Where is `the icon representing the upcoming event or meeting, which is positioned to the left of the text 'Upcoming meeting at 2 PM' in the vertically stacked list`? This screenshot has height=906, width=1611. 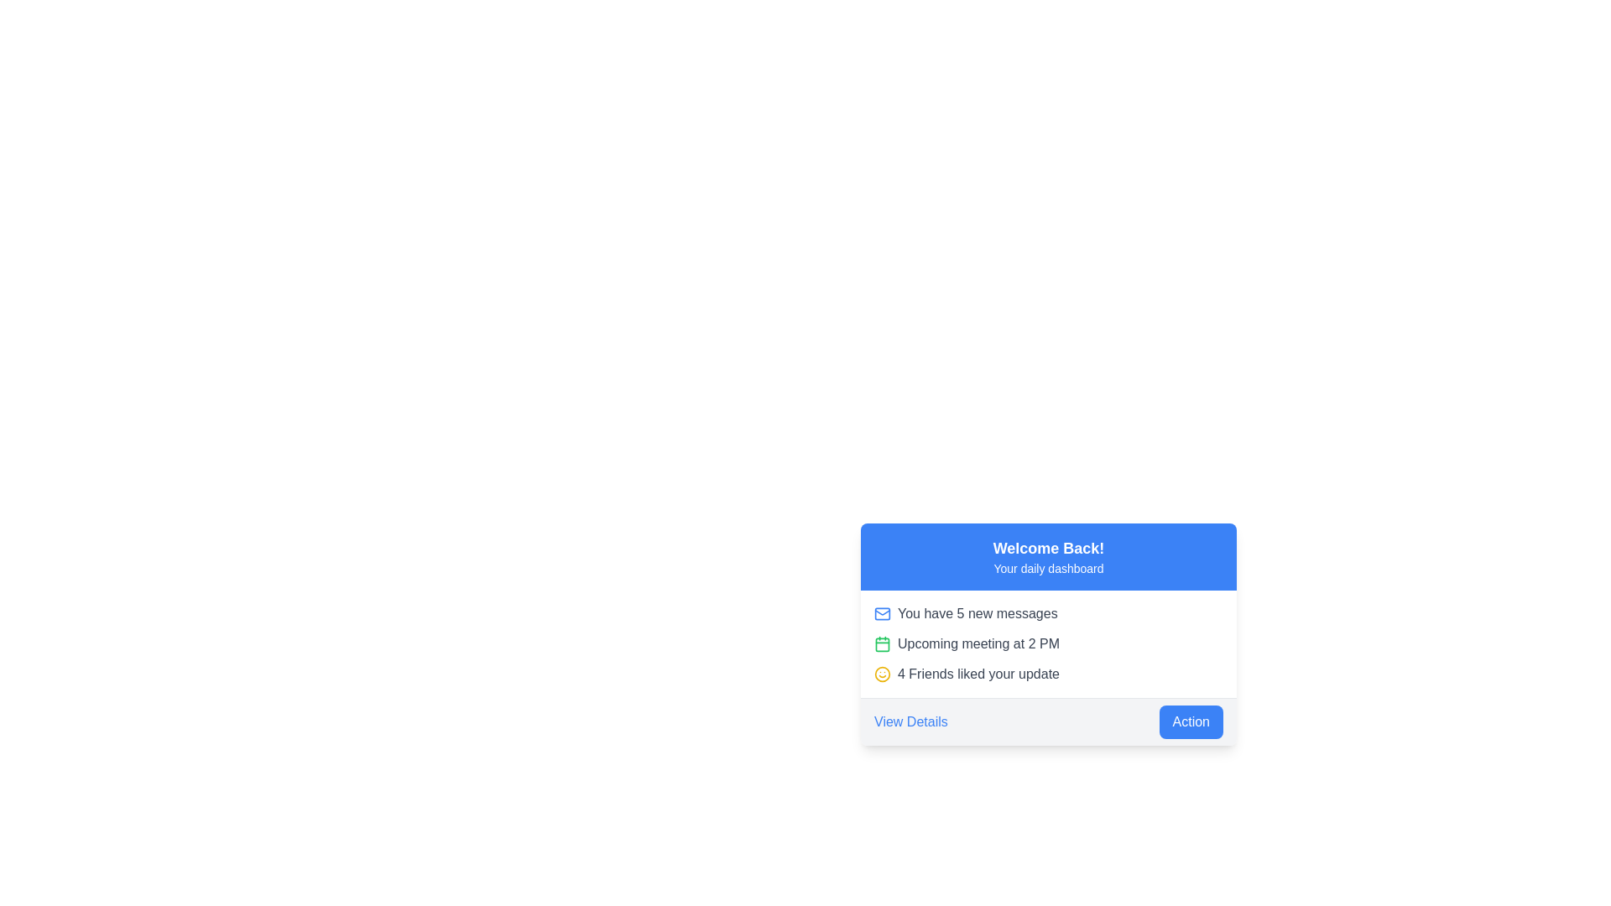 the icon representing the upcoming event or meeting, which is positioned to the left of the text 'Upcoming meeting at 2 PM' in the vertically stacked list is located at coordinates (881, 643).